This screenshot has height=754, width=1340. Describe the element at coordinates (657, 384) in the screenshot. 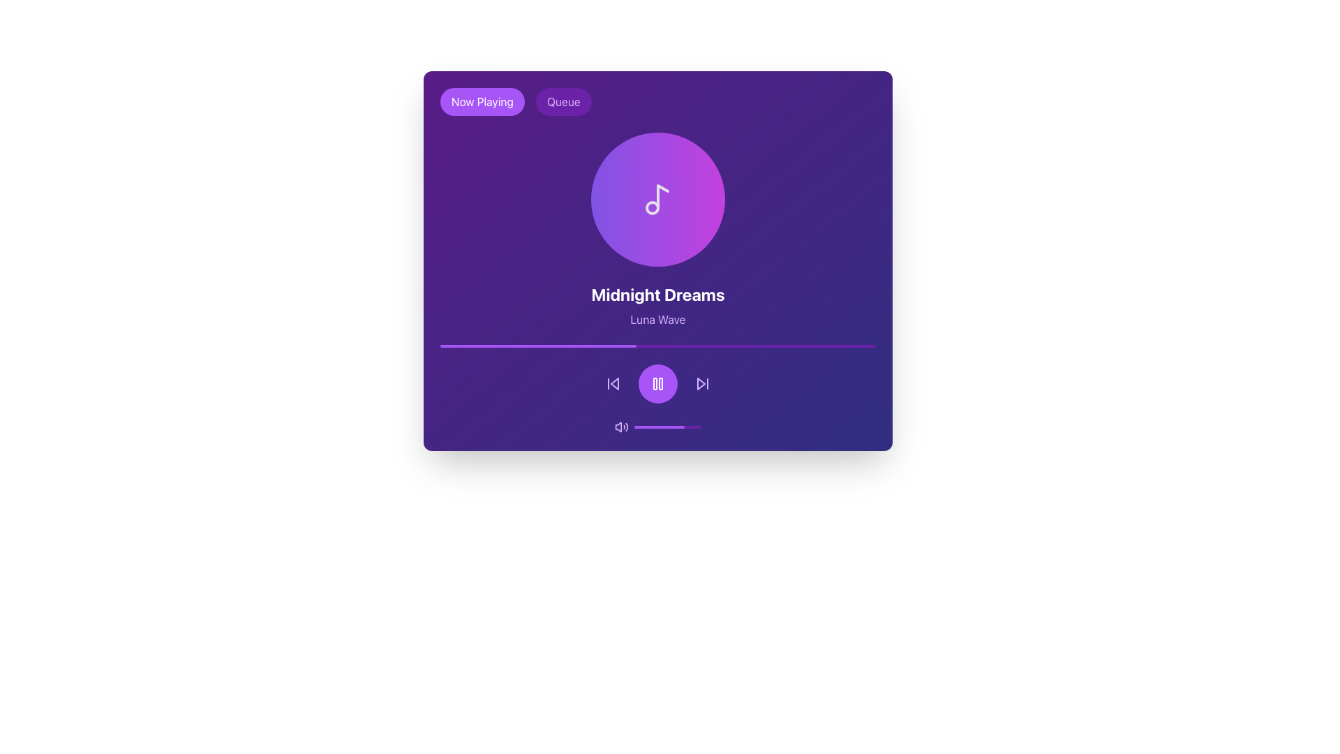

I see `the circular button with a purple background and a white pause icon at its center to interact with the keyboard` at that location.